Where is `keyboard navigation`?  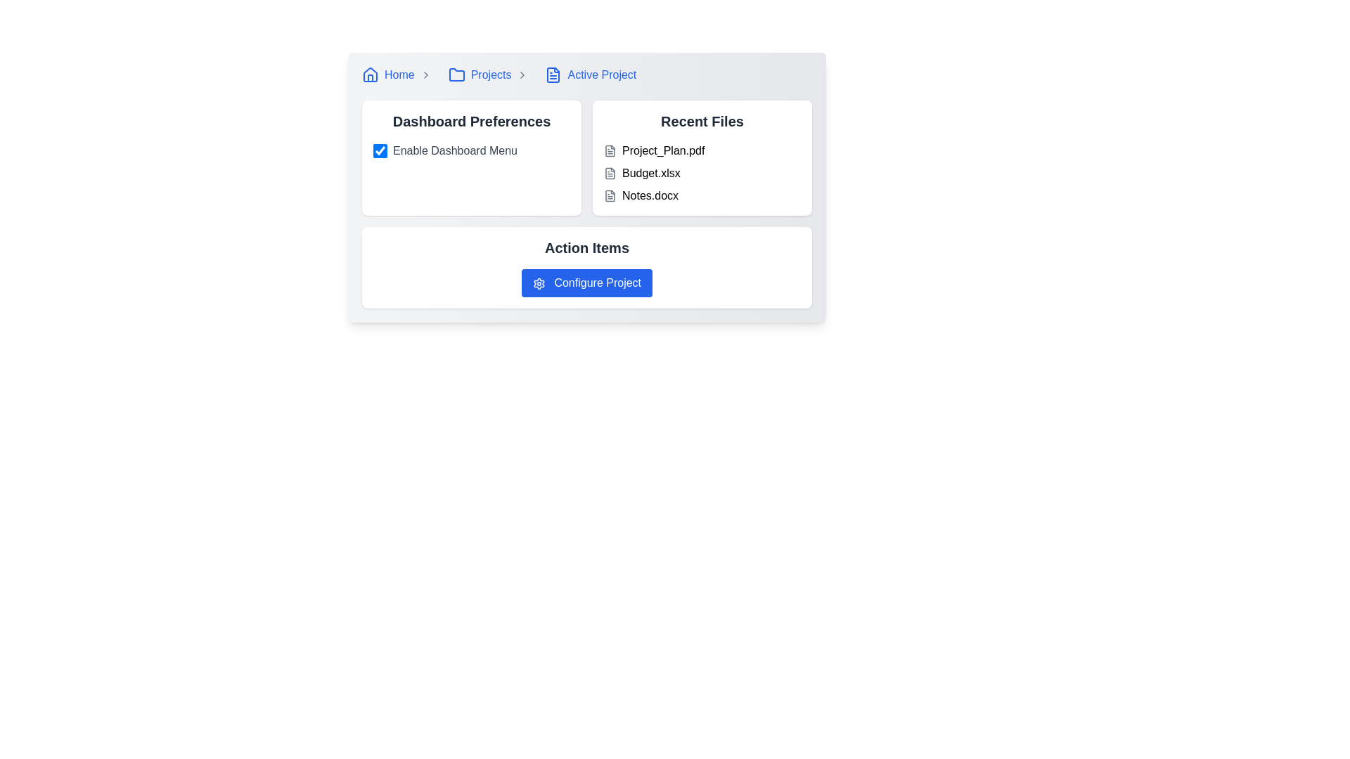
keyboard navigation is located at coordinates (539, 283).